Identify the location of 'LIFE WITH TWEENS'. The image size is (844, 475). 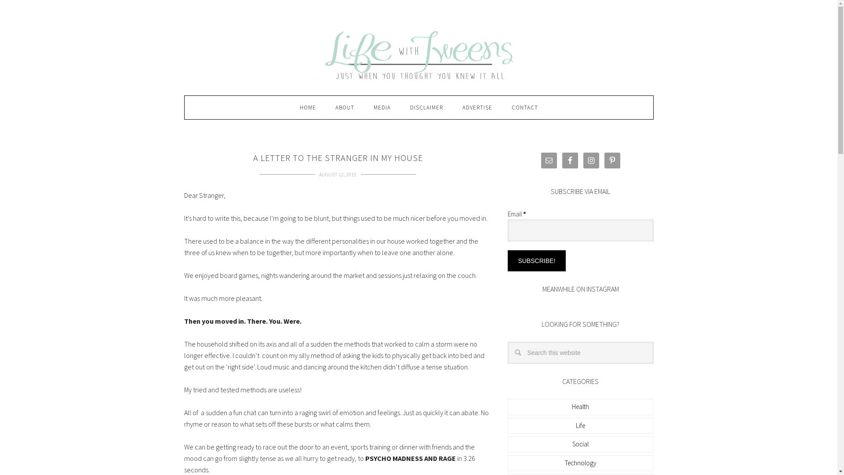
(418, 55).